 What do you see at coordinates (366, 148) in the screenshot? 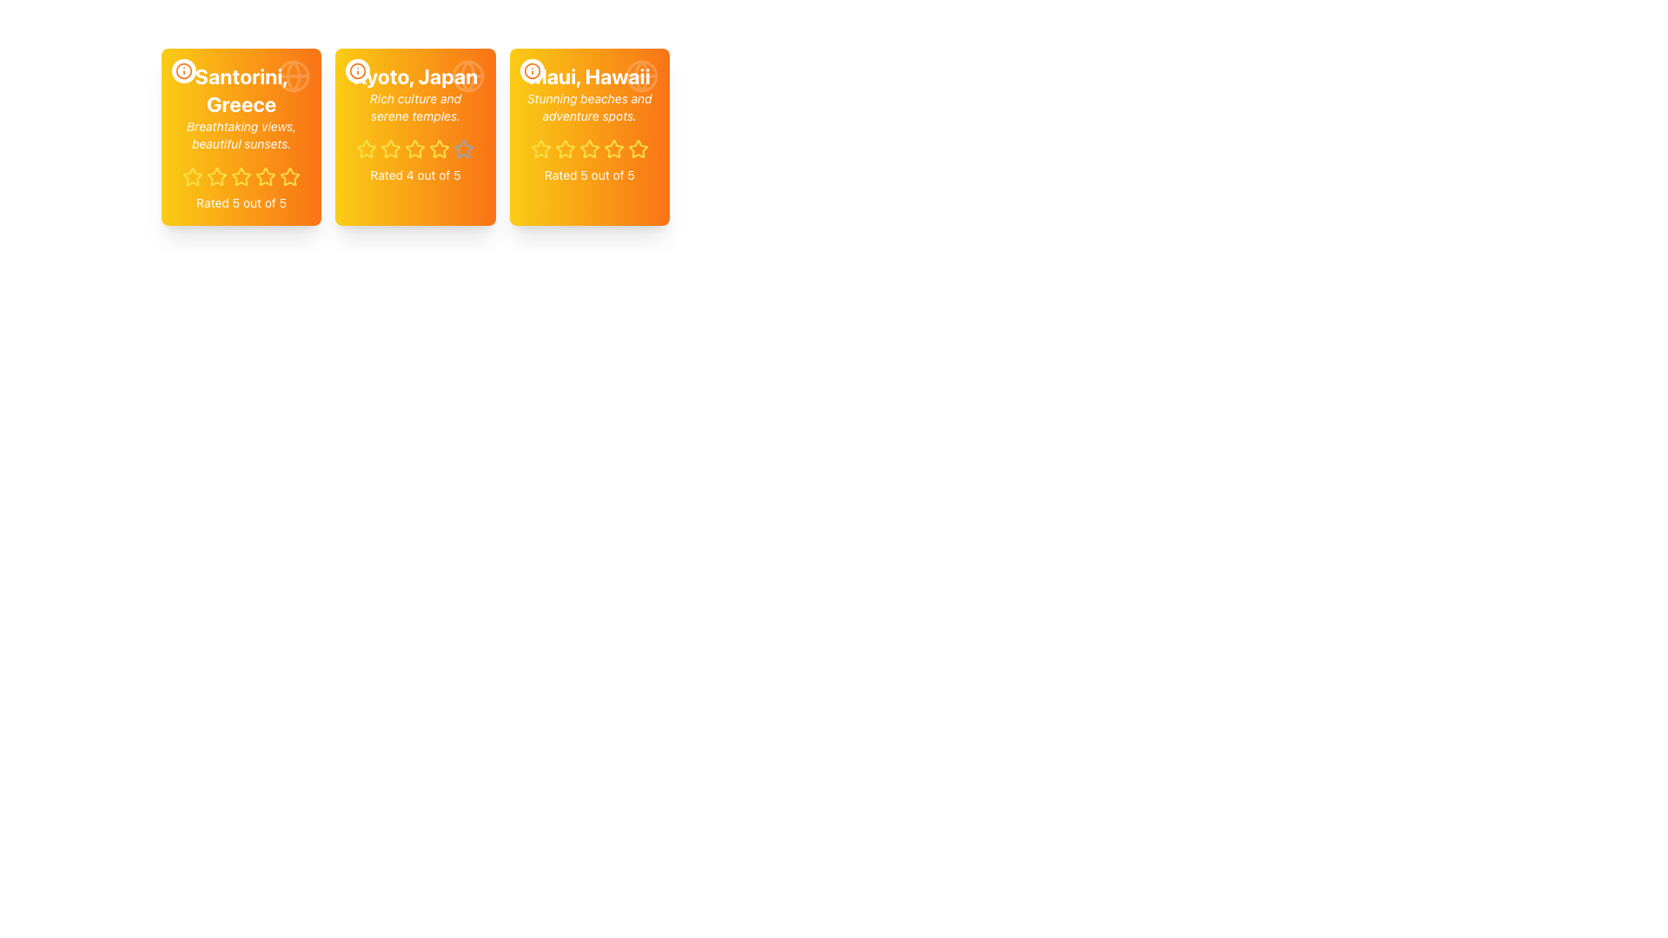
I see `the first star icon` at bounding box center [366, 148].